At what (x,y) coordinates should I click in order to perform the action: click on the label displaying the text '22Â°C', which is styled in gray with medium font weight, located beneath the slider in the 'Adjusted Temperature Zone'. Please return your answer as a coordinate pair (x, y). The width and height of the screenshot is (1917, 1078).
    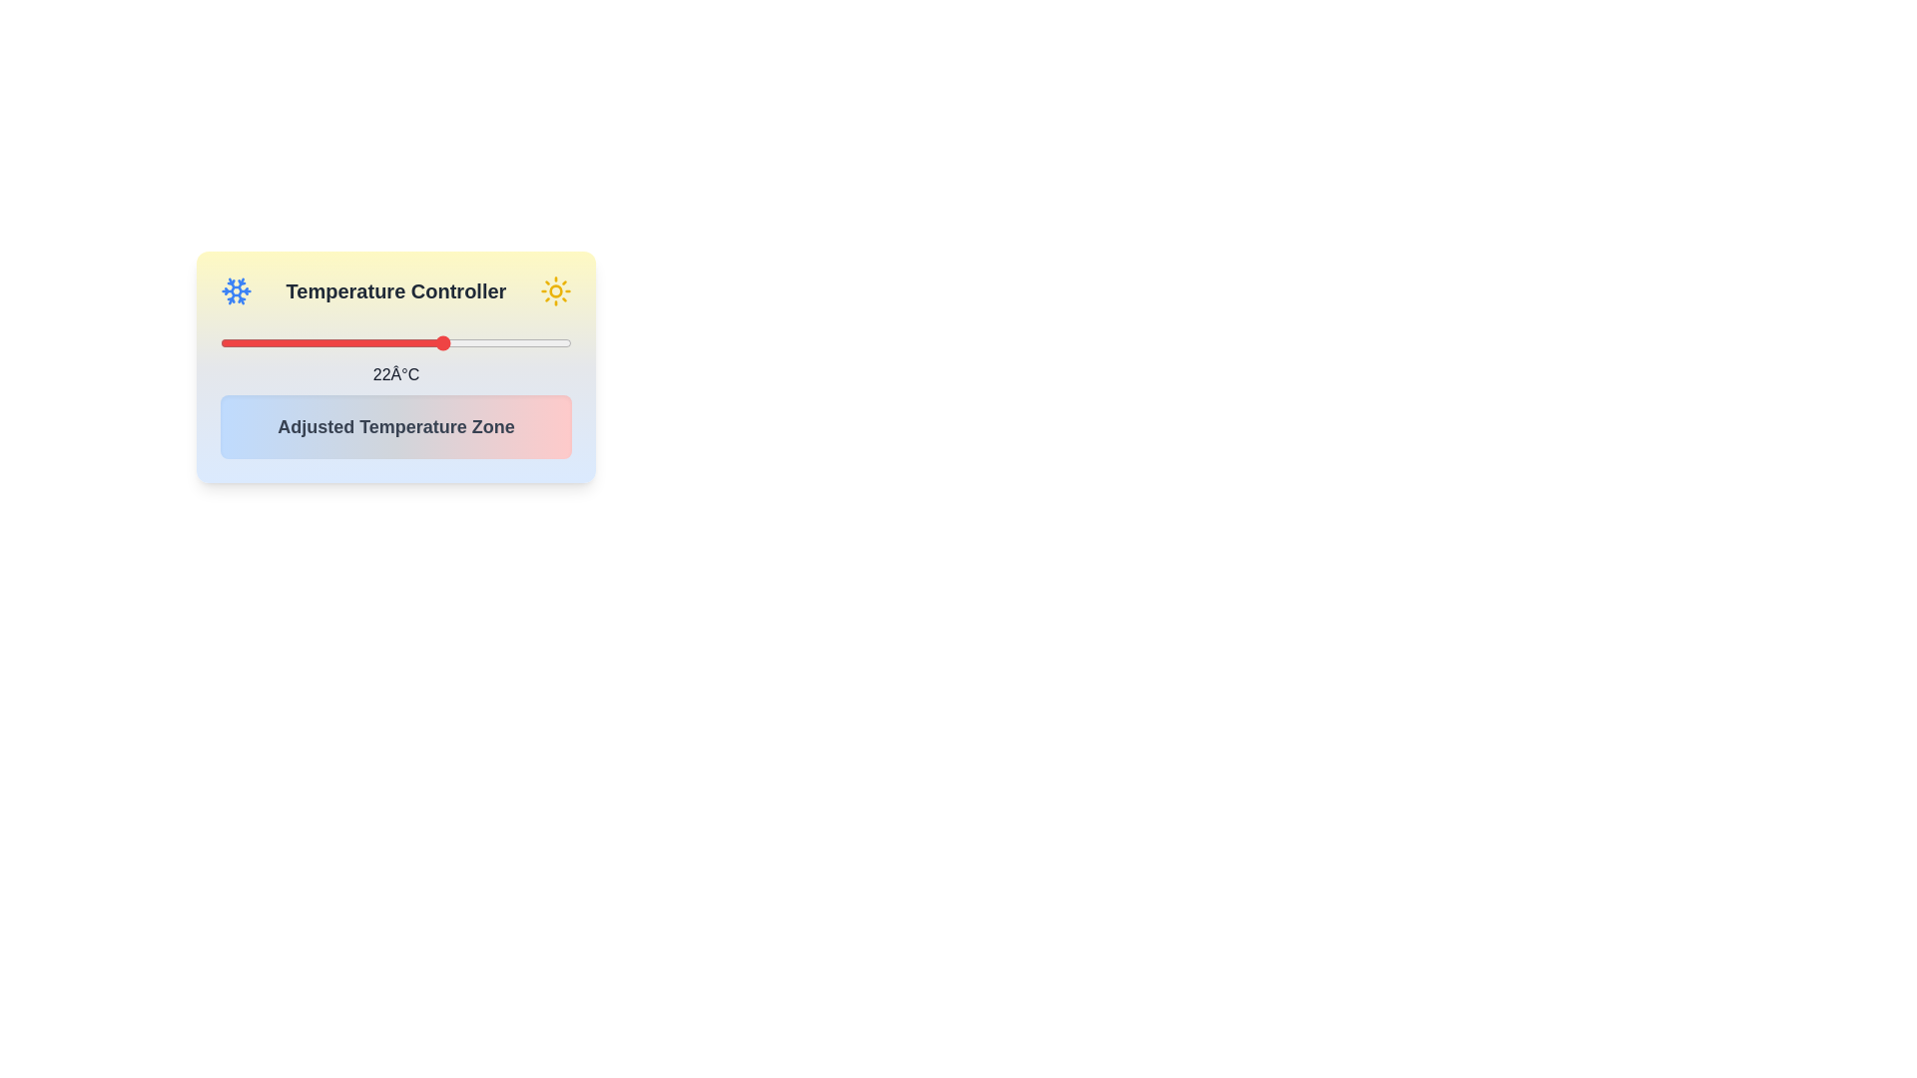
    Looking at the image, I should click on (396, 374).